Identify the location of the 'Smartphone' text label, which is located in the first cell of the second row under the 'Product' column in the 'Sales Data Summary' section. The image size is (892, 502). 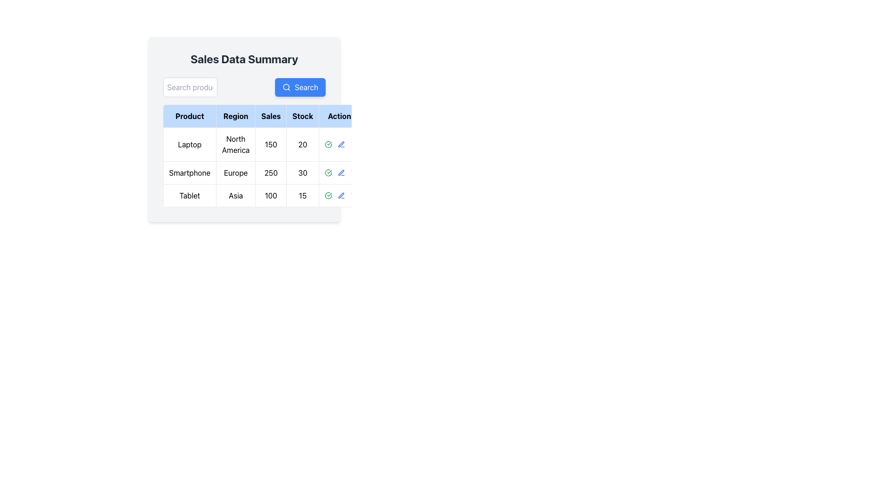
(189, 172).